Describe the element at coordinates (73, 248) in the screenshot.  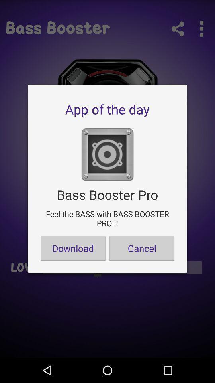
I see `download icon` at that location.